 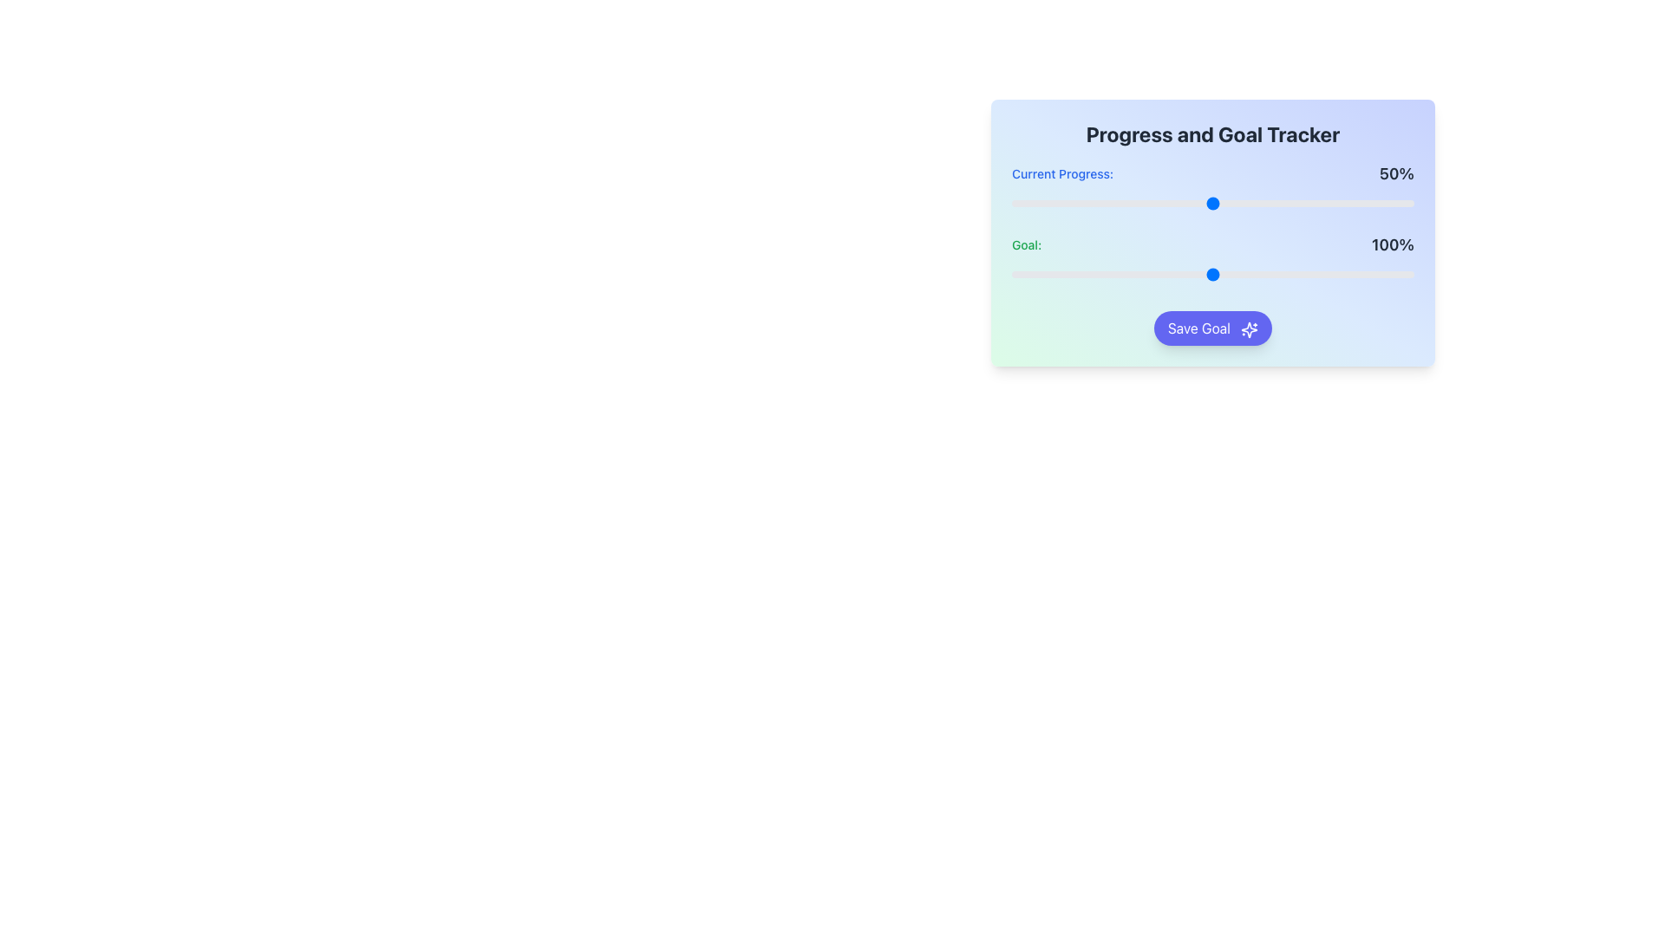 I want to click on the save button located below the progress sliders labeled 'Current Progress' and 'Goal', so click(x=1211, y=328).